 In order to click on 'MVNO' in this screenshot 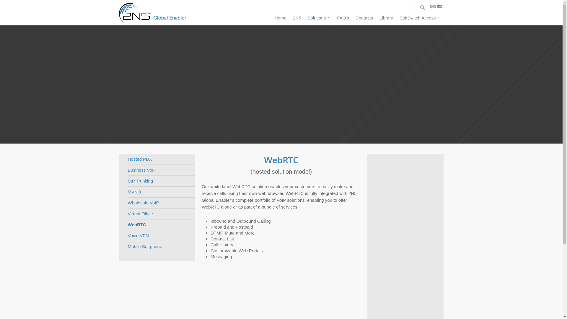, I will do `click(161, 192)`.